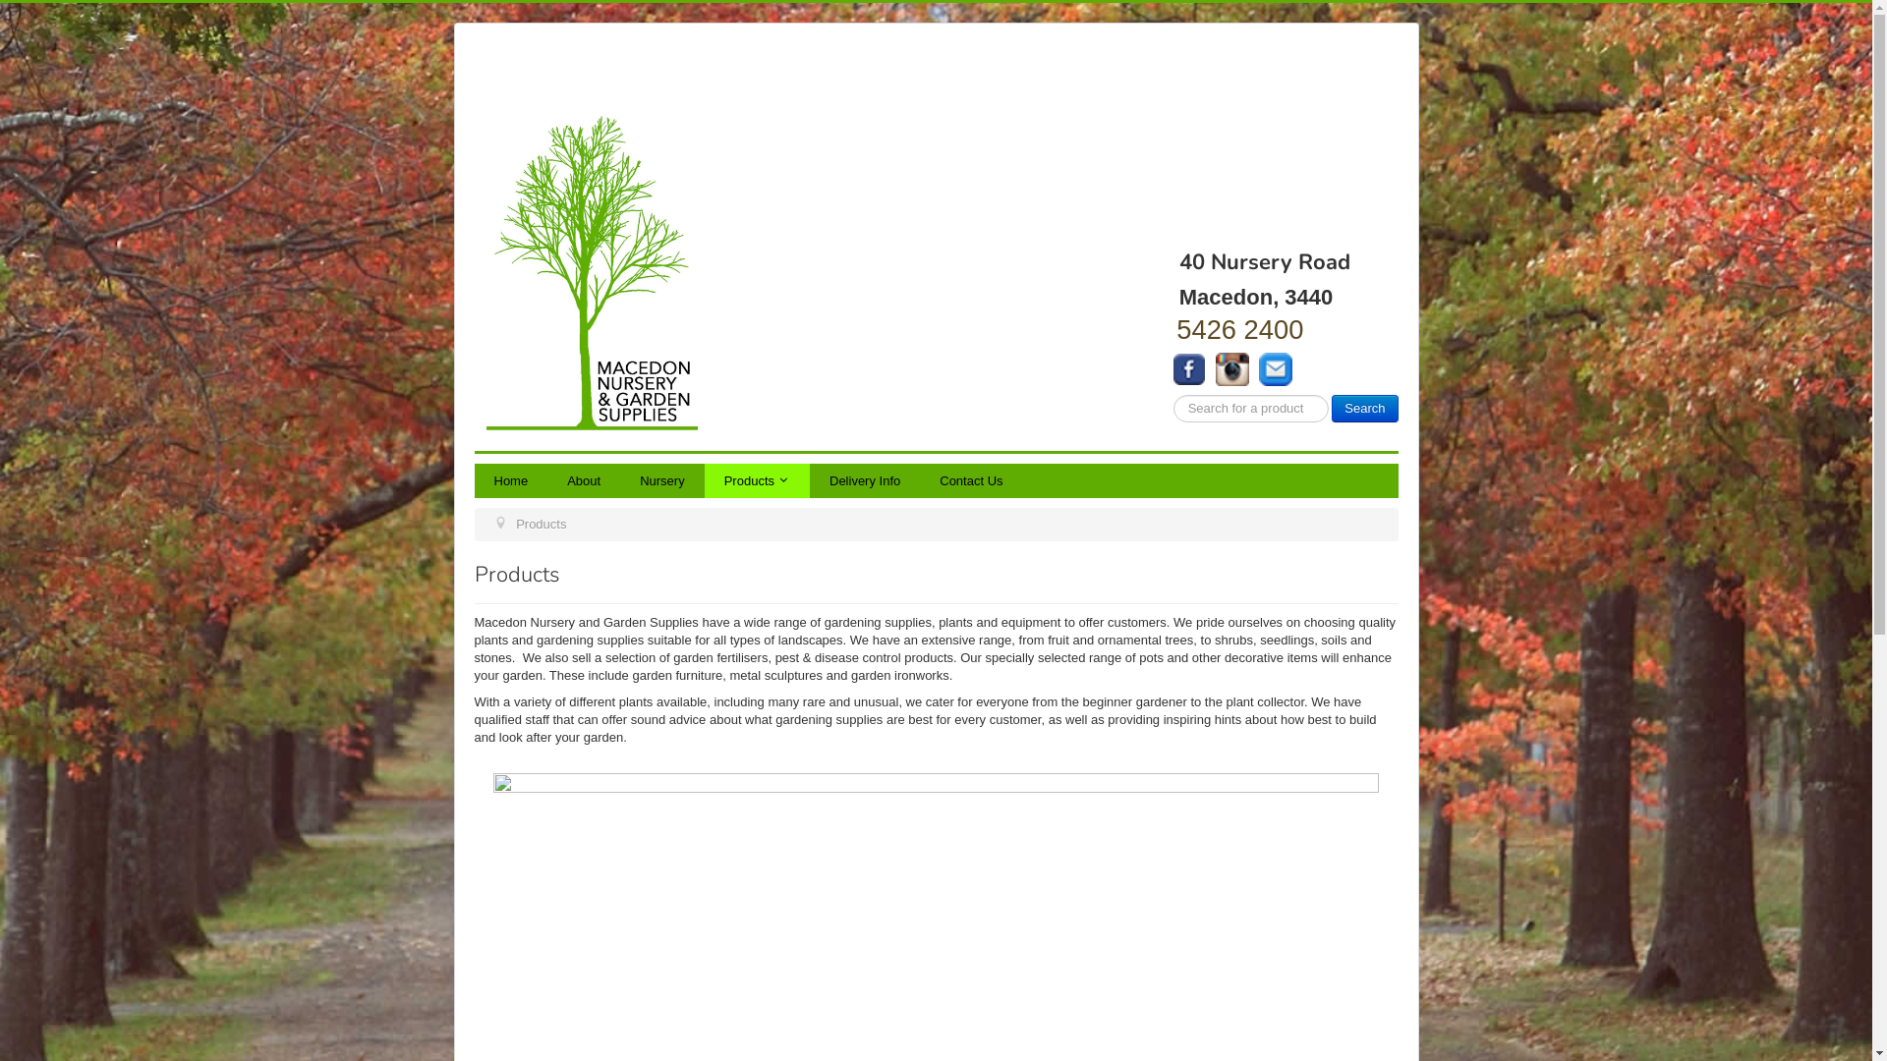 This screenshot has height=1061, width=1887. Describe the element at coordinates (756, 480) in the screenshot. I see `'Products'` at that location.